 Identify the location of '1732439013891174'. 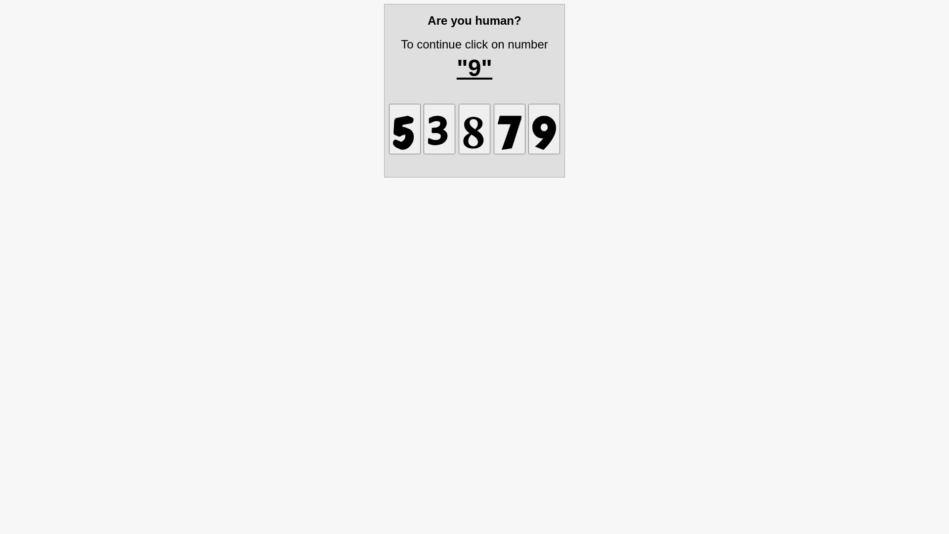
(493, 129).